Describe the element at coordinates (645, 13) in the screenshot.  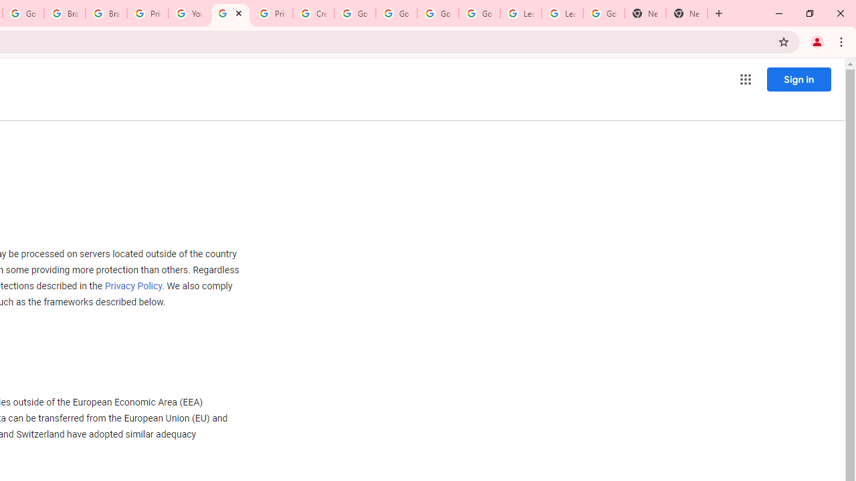
I see `'New Tab'` at that location.